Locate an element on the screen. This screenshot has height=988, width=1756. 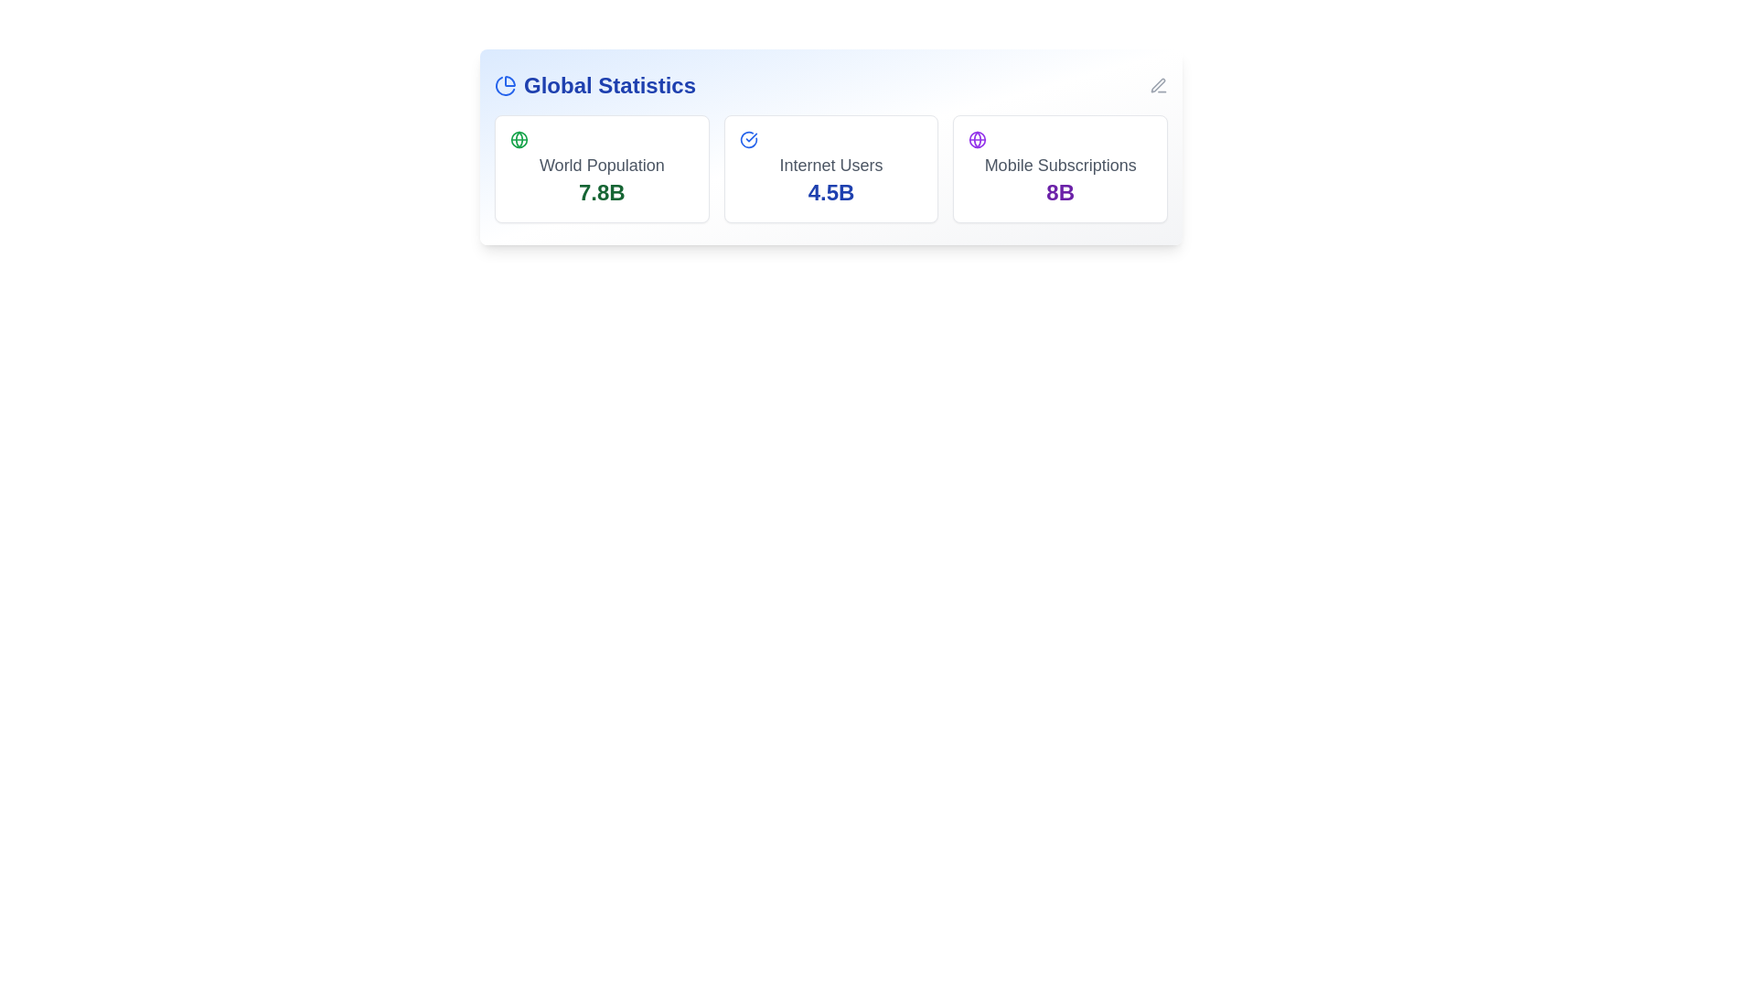
the purple globe icon located in the 'Mobile Subscriptions' card, which is the third card under 'Global Statistics' is located at coordinates (977, 139).